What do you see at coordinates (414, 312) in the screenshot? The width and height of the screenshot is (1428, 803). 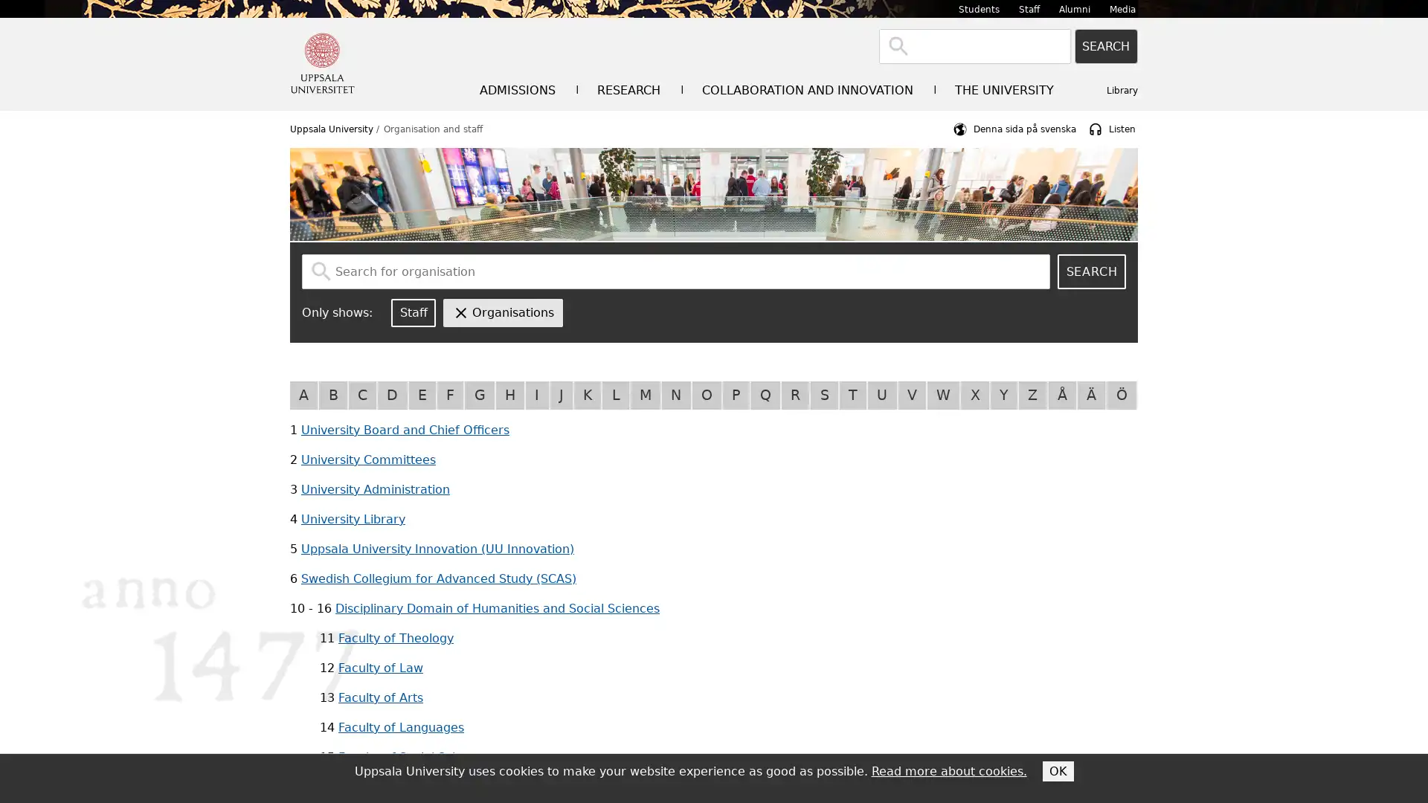 I see `Visa endast traffar inom typen Staff` at bounding box center [414, 312].